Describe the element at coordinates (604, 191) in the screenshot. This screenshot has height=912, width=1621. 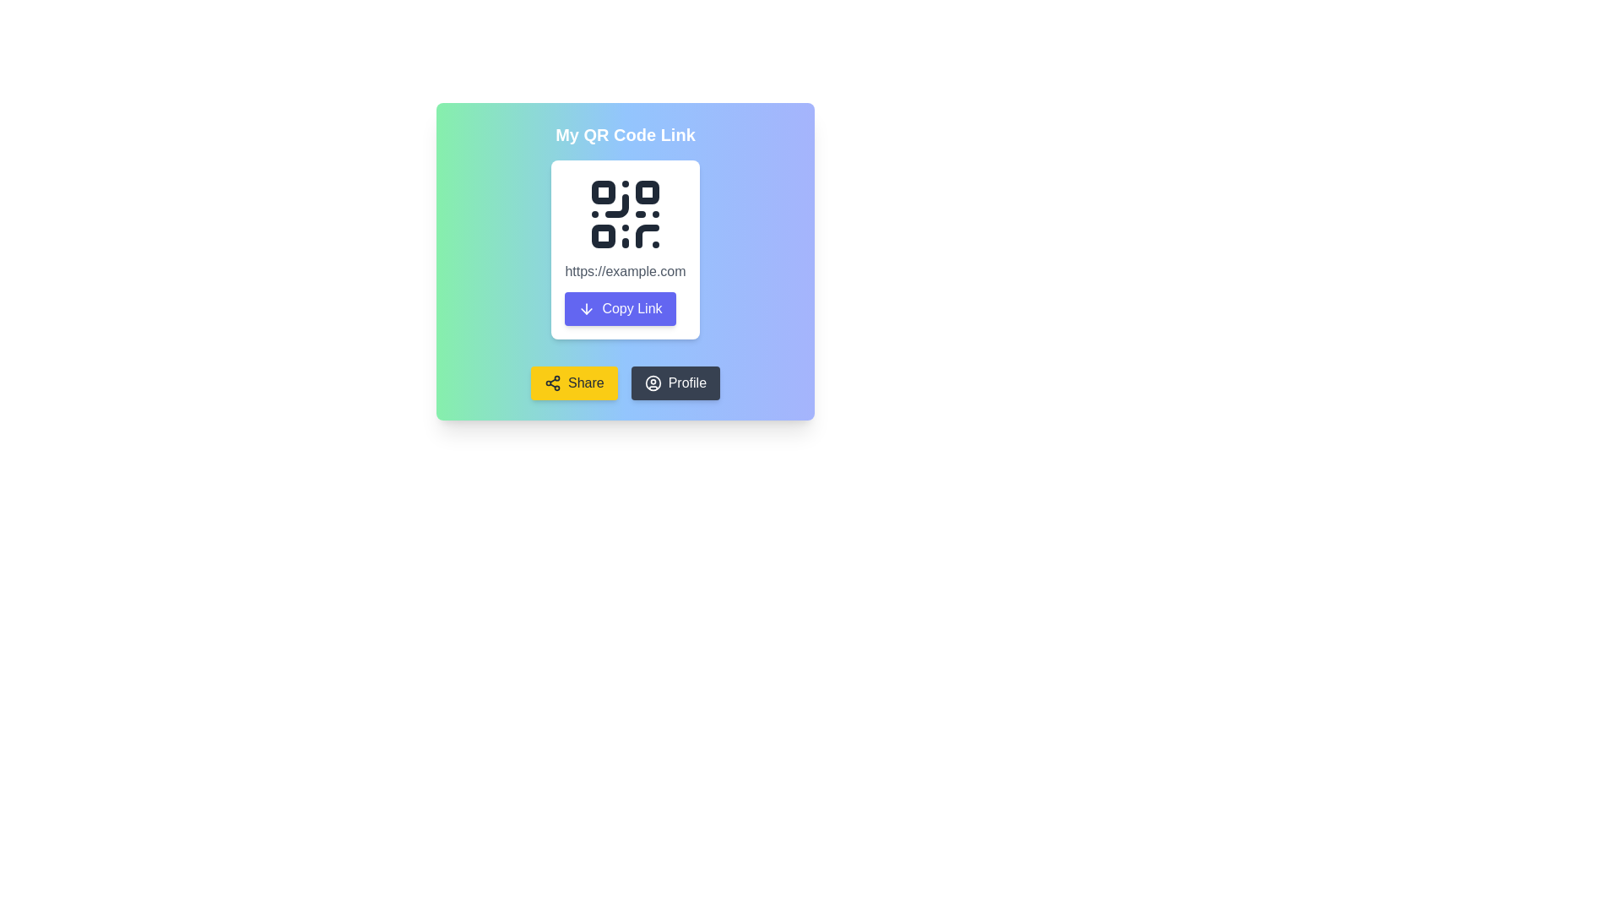
I see `the decorative square in the QR code located at the top-left corner of the QR code, positioned above the 'example.com' text` at that location.